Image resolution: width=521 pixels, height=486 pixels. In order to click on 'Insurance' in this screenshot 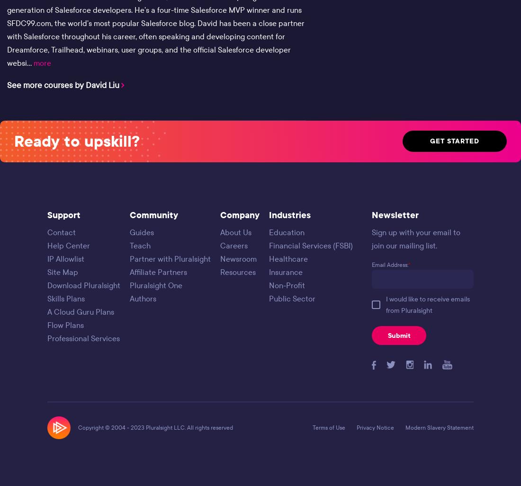, I will do `click(285, 271)`.